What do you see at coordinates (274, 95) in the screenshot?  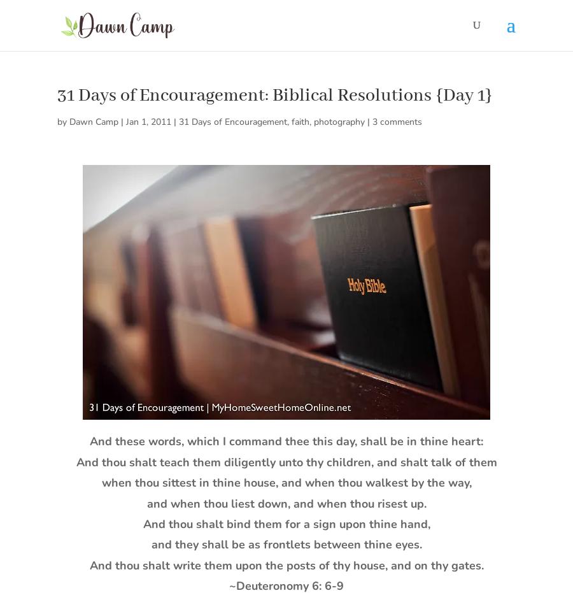 I see `'31 Days of Encouragement: Biblical Resolutions {Day 1}'` at bounding box center [274, 95].